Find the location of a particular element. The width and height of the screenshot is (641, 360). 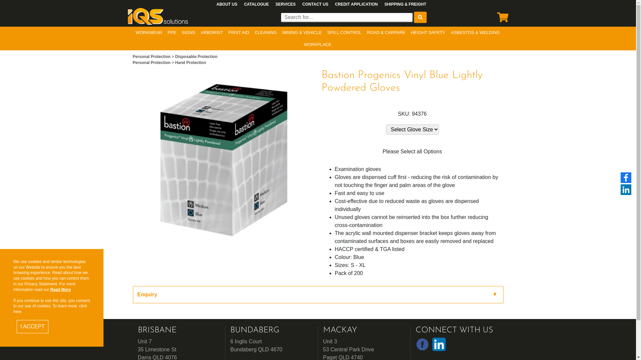

'Hand Protection' is located at coordinates (190, 63).